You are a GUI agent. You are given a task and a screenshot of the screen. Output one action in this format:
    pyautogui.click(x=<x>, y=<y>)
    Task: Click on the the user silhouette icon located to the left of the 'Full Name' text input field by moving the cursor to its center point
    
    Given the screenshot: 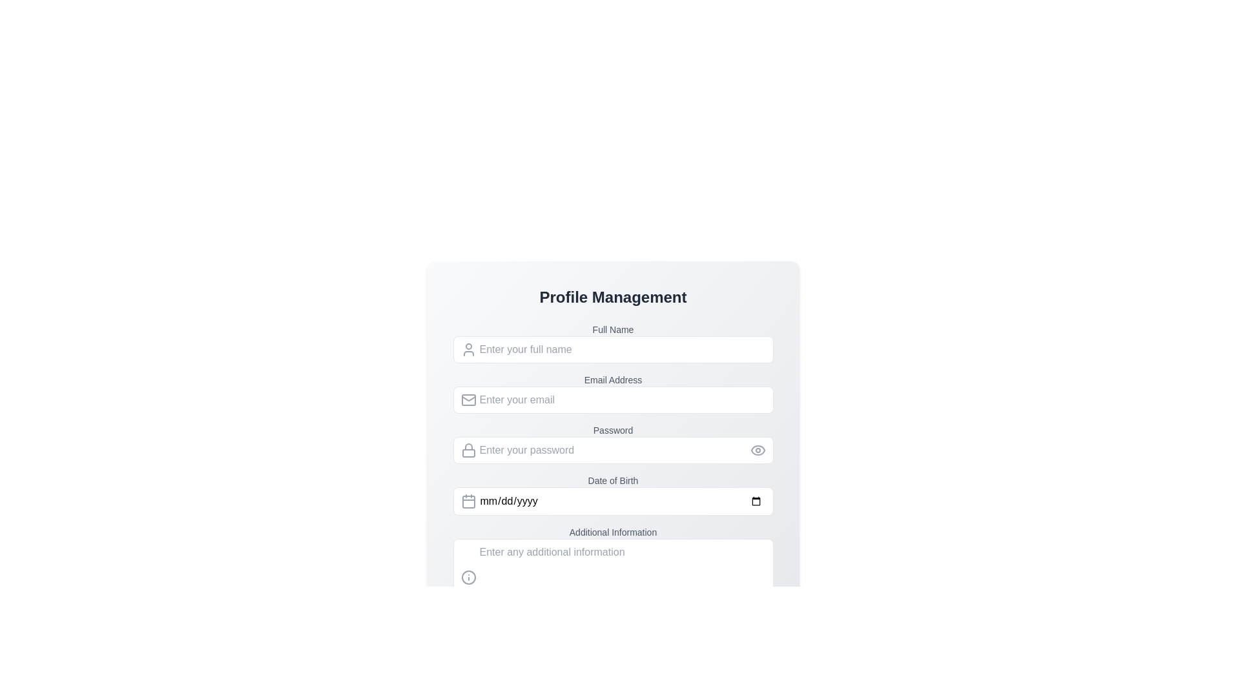 What is the action you would take?
    pyautogui.click(x=468, y=350)
    